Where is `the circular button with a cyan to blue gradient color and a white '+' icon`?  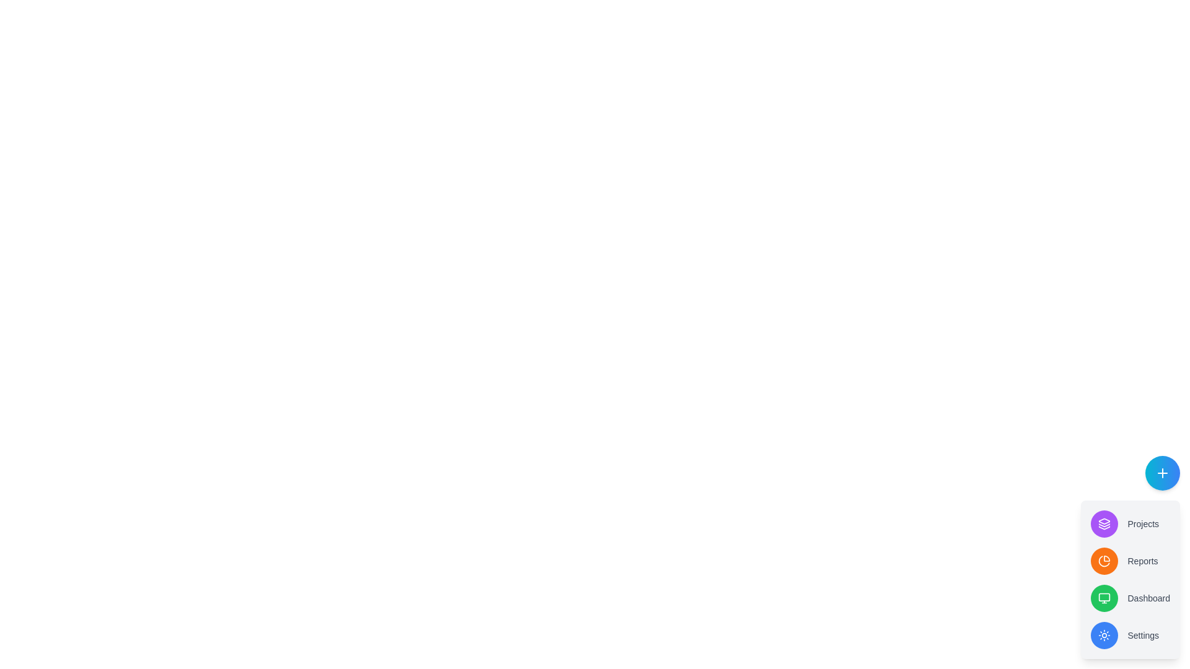
the circular button with a cyan to blue gradient color and a white '+' icon is located at coordinates (1162, 473).